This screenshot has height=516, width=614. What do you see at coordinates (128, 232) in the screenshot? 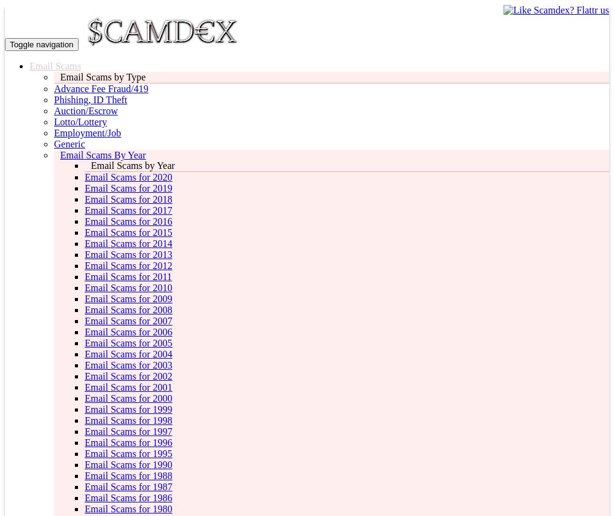
I see `'Email Scams for 2015'` at bounding box center [128, 232].